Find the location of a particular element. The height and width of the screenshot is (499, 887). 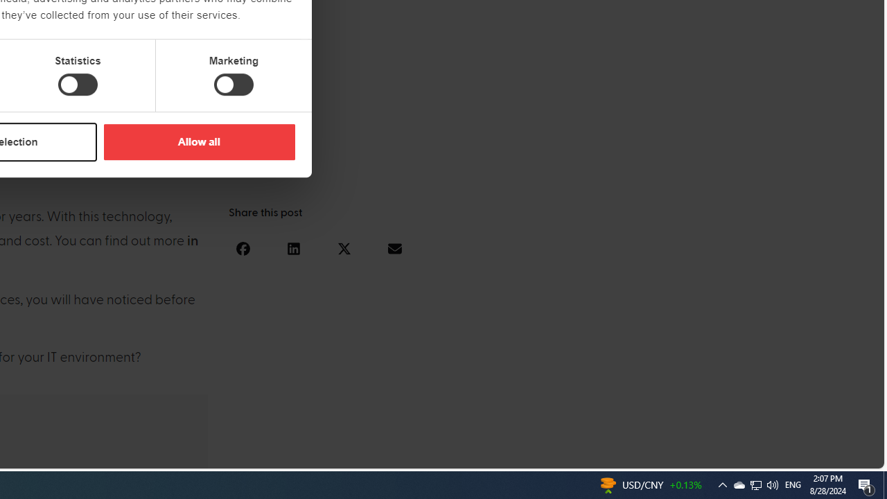

'Share on facebook' is located at coordinates (243, 247).